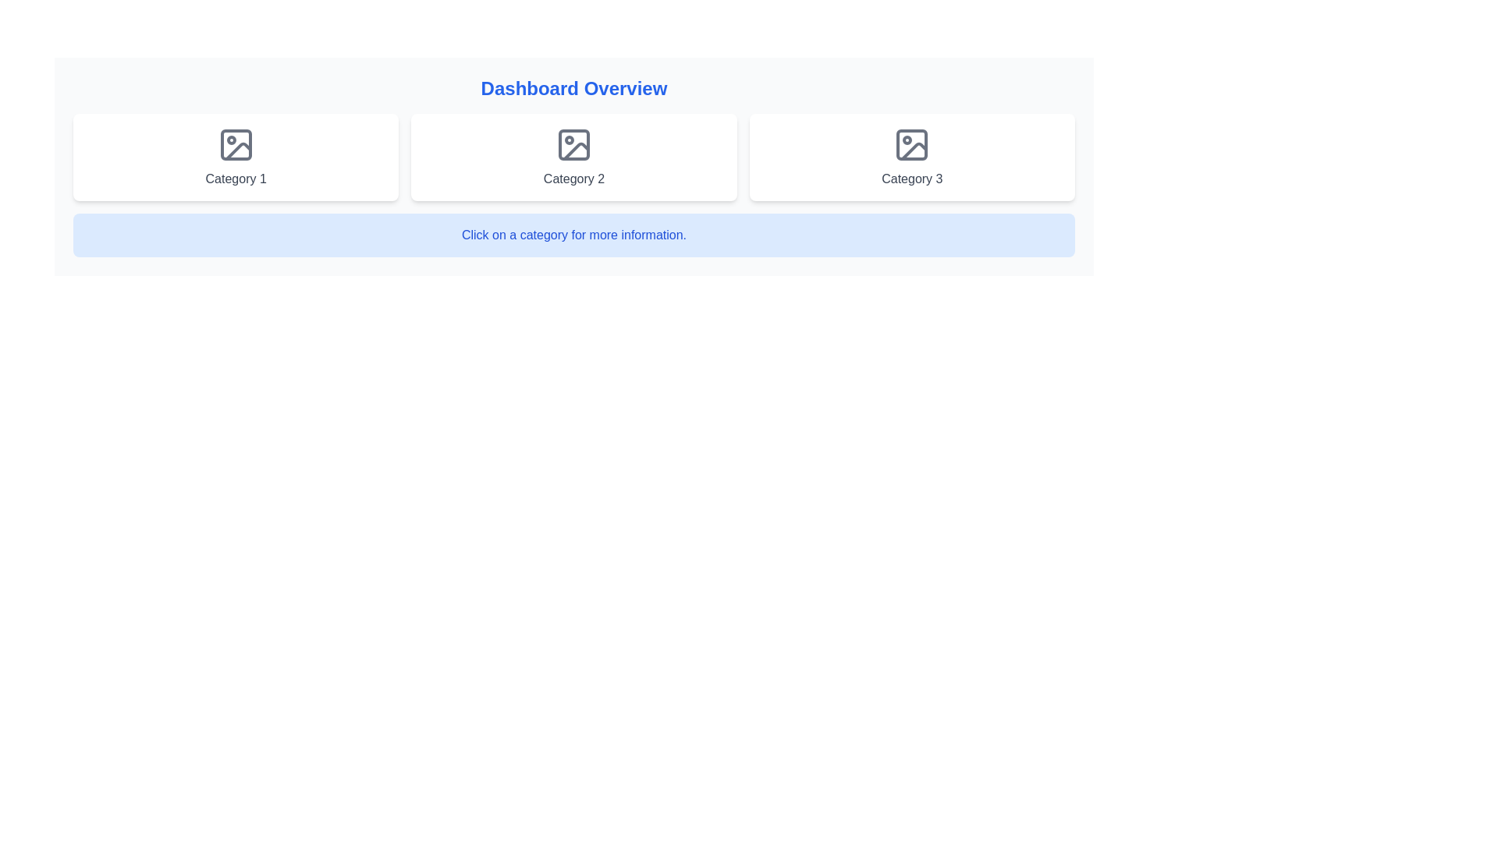 This screenshot has width=1498, height=842. Describe the element at coordinates (912, 179) in the screenshot. I see `the text display that serves as a label for Category 3, located beneath an icon in the rightmost of three white boxes in the 'Dashboard Overview' section` at that location.